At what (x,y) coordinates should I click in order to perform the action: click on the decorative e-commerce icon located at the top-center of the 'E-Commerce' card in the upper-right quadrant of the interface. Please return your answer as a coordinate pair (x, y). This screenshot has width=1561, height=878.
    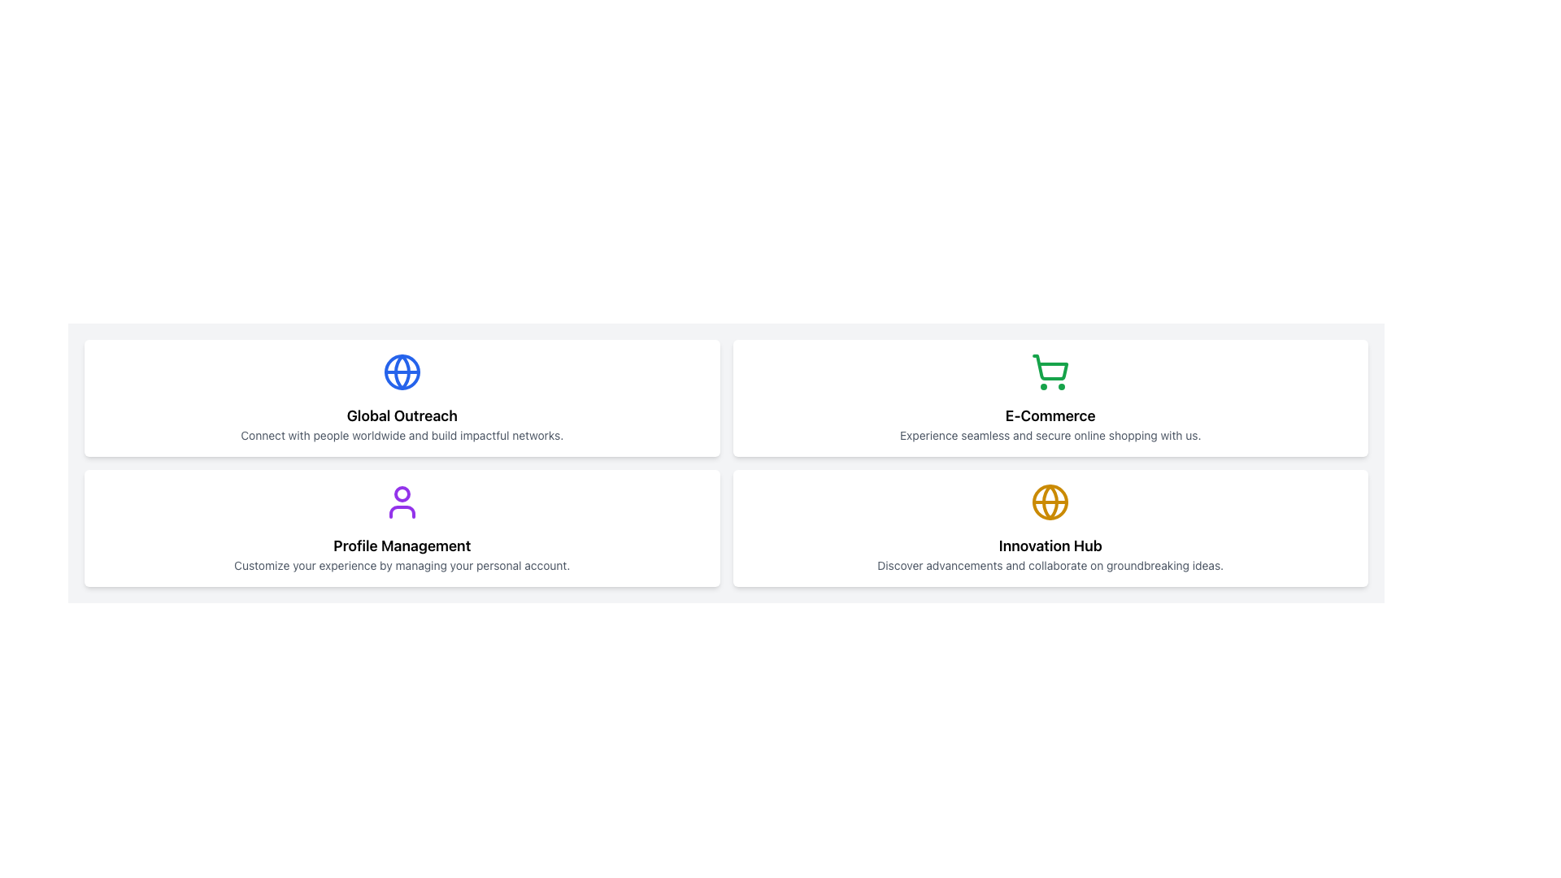
    Looking at the image, I should click on (1050, 372).